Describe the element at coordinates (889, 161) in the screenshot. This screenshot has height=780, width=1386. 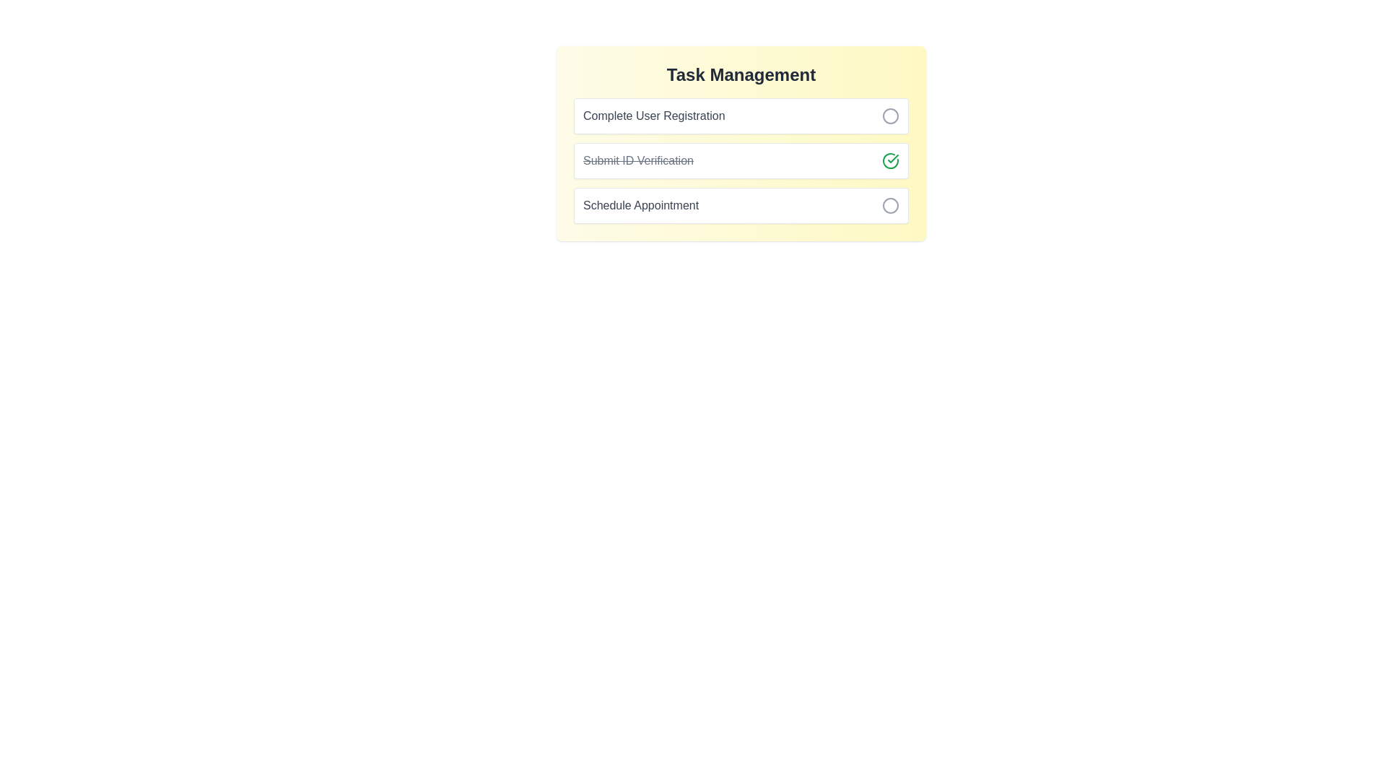
I see `the green outlined checkmark graphical icon located to the right of the 'Submit ID Verification' text in the 'Task Management' list, which signifies a completed action` at that location.